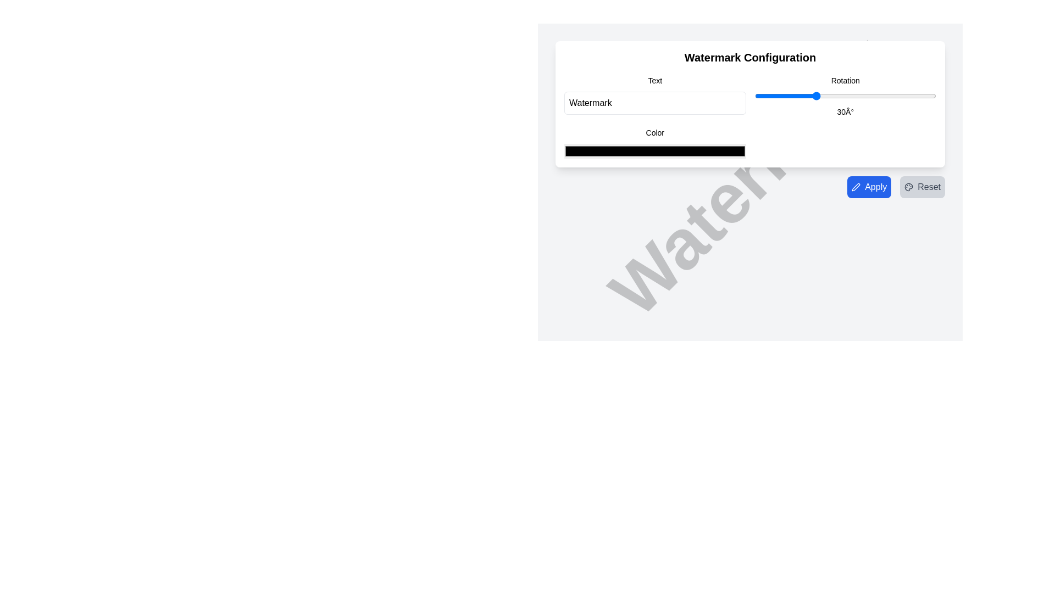 The width and height of the screenshot is (1055, 593). I want to click on rotation, so click(871, 95).